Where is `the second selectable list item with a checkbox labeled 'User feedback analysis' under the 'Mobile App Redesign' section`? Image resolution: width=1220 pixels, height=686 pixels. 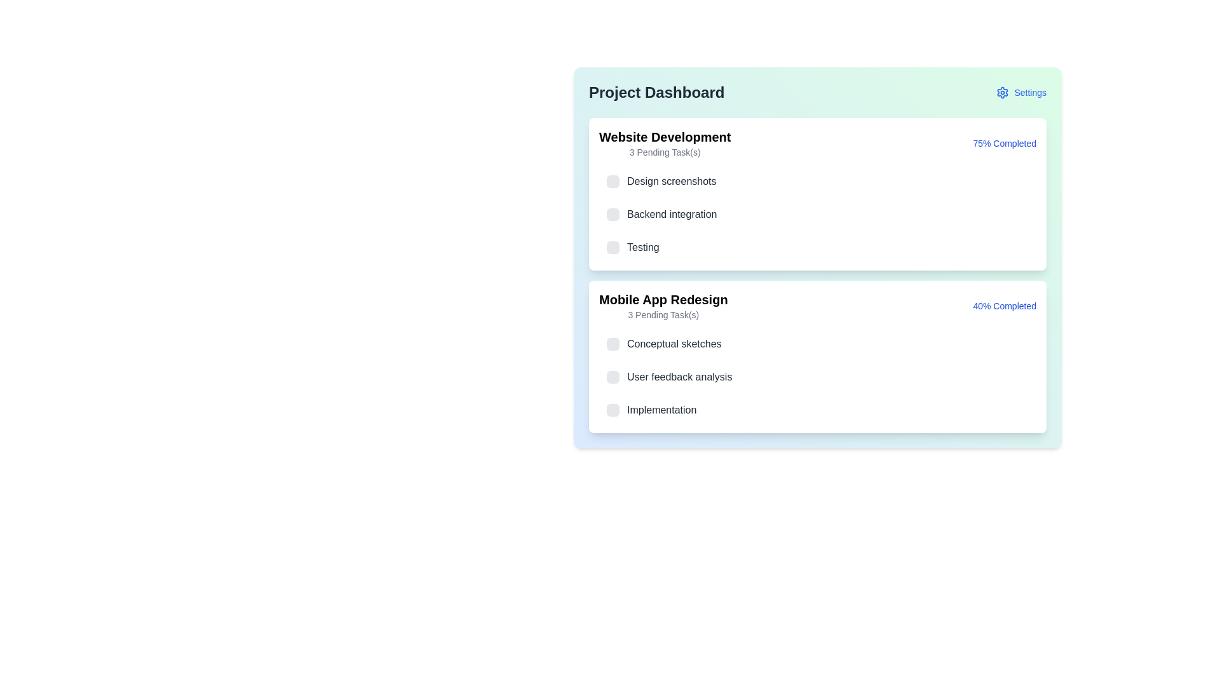
the second selectable list item with a checkbox labeled 'User feedback analysis' under the 'Mobile App Redesign' section is located at coordinates (817, 377).